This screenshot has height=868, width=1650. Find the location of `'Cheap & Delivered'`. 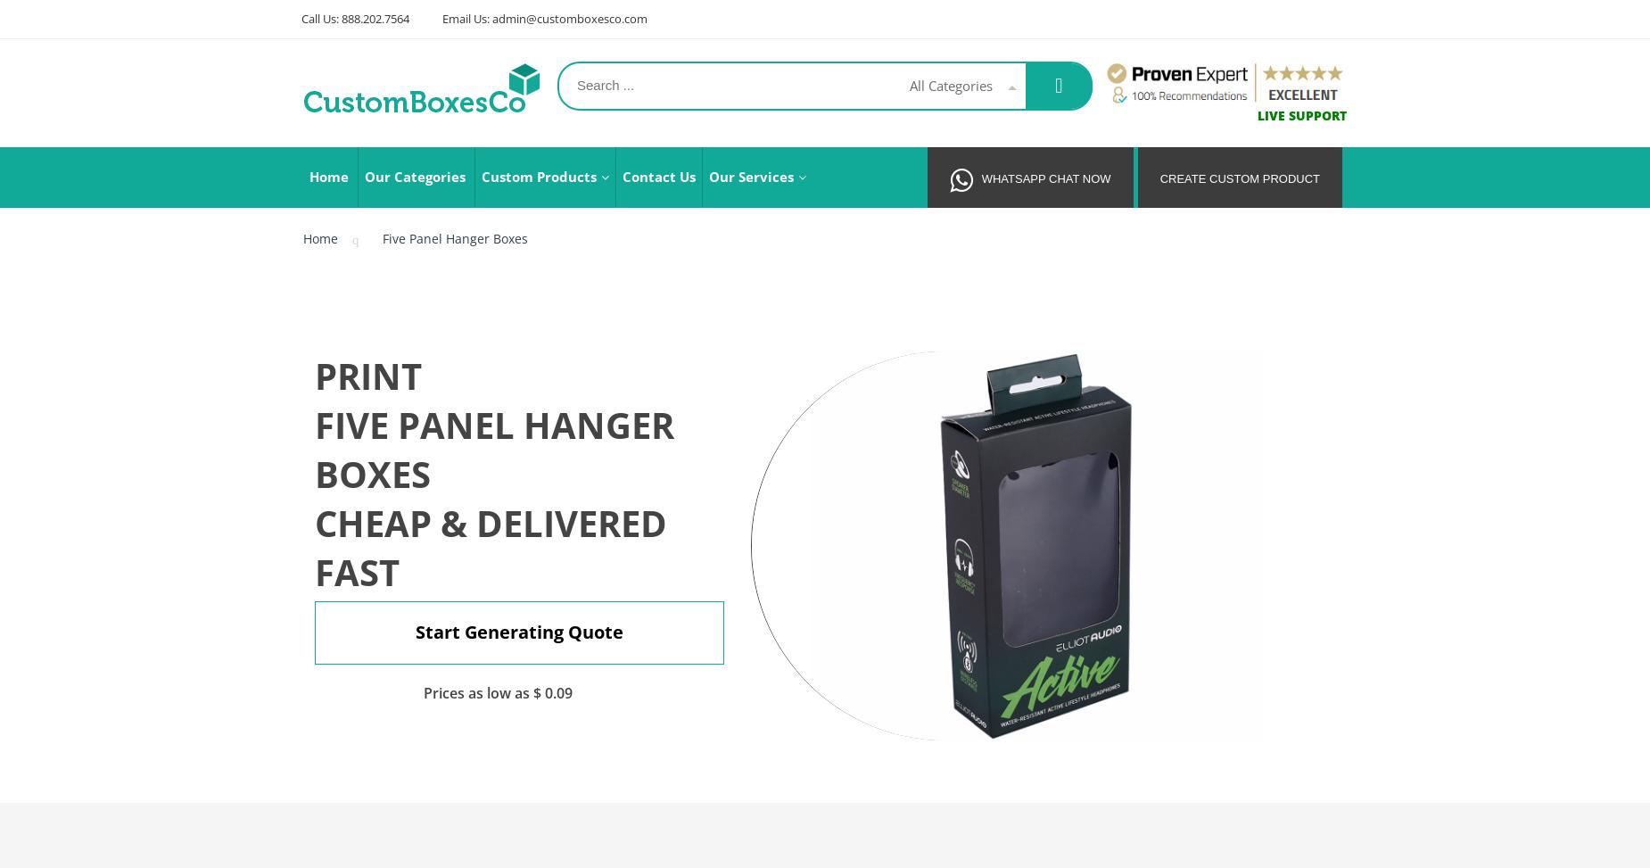

'Cheap & Delivered' is located at coordinates (491, 523).